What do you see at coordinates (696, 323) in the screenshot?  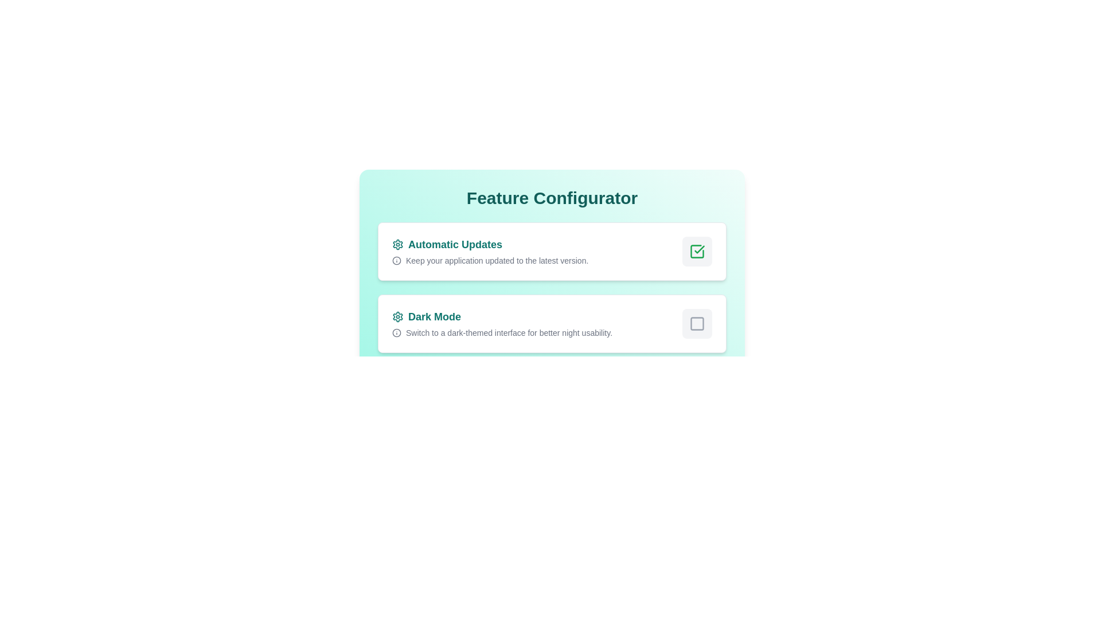 I see `the Rectangle SVG element that serves as a visual indicator for the 'Dark Mode' feature in the feature configurator interface` at bounding box center [696, 323].